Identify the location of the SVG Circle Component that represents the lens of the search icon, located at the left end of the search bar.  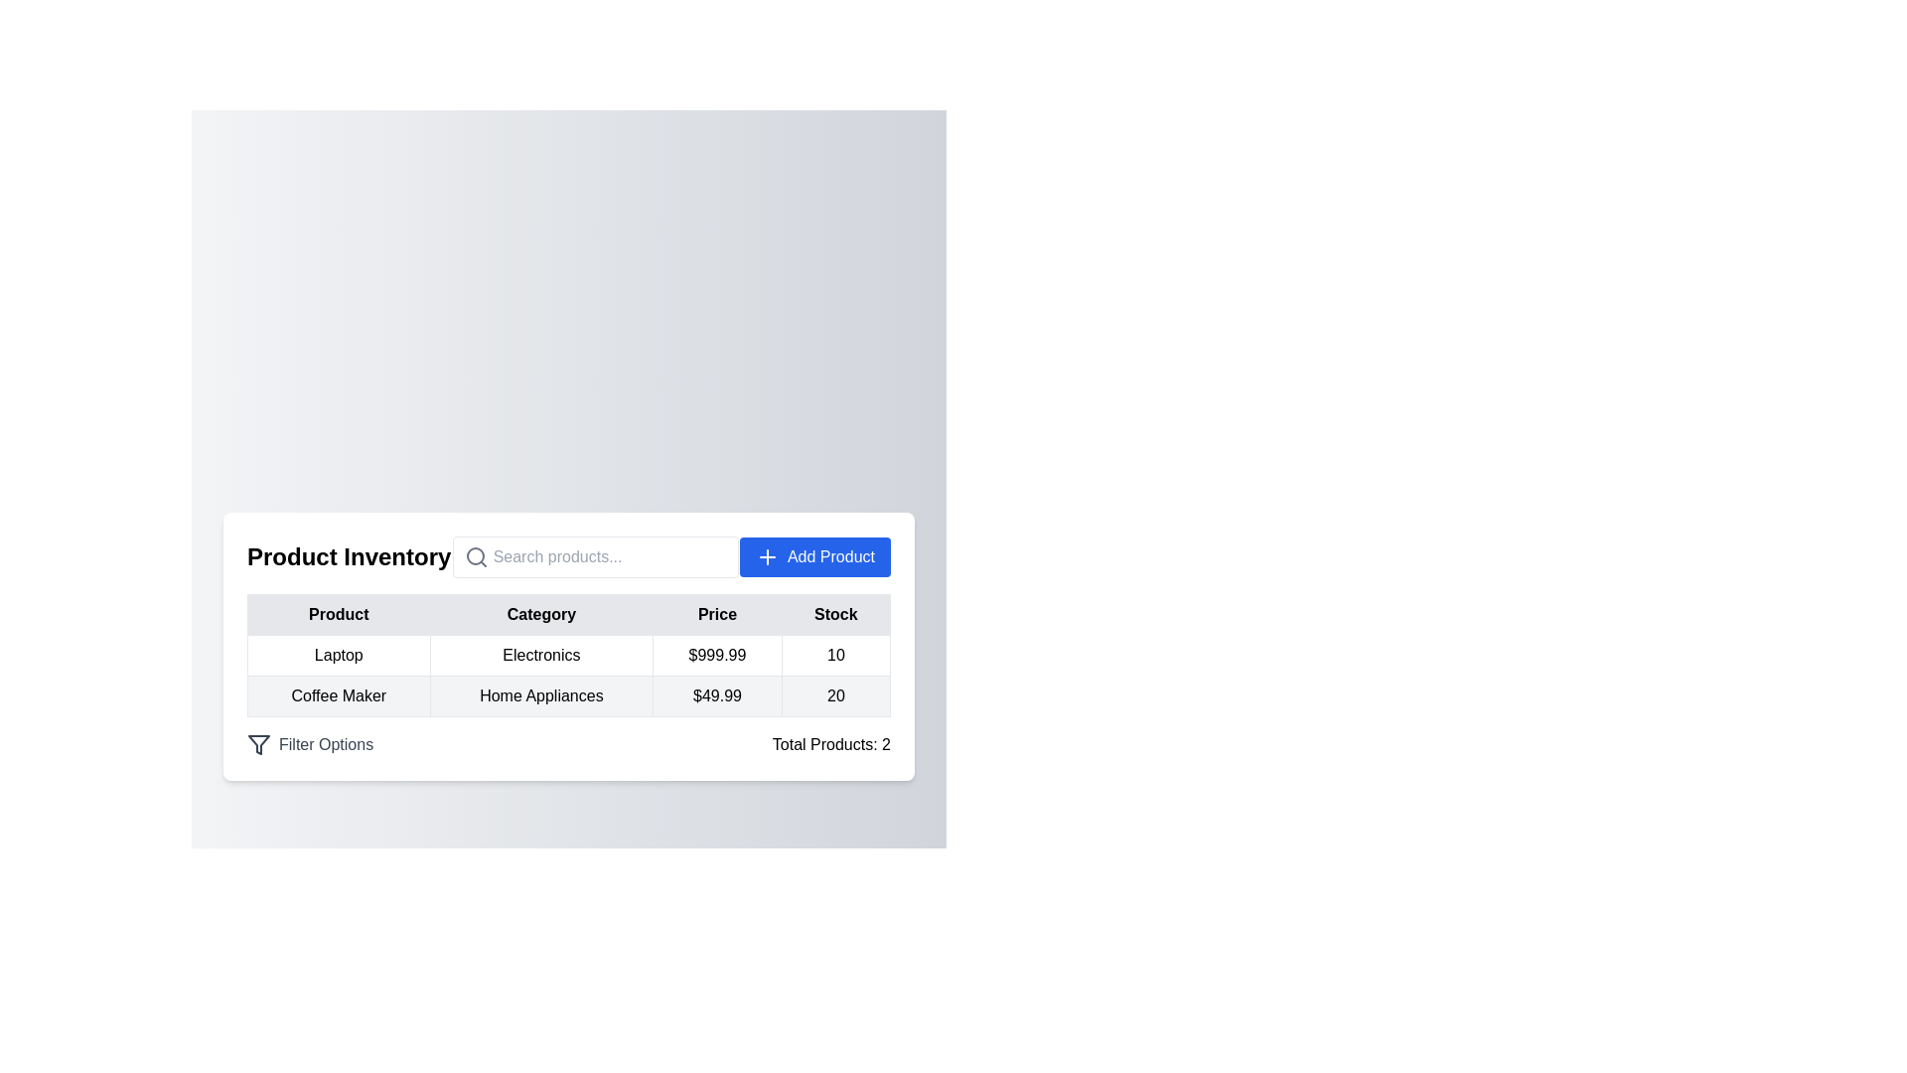
(474, 555).